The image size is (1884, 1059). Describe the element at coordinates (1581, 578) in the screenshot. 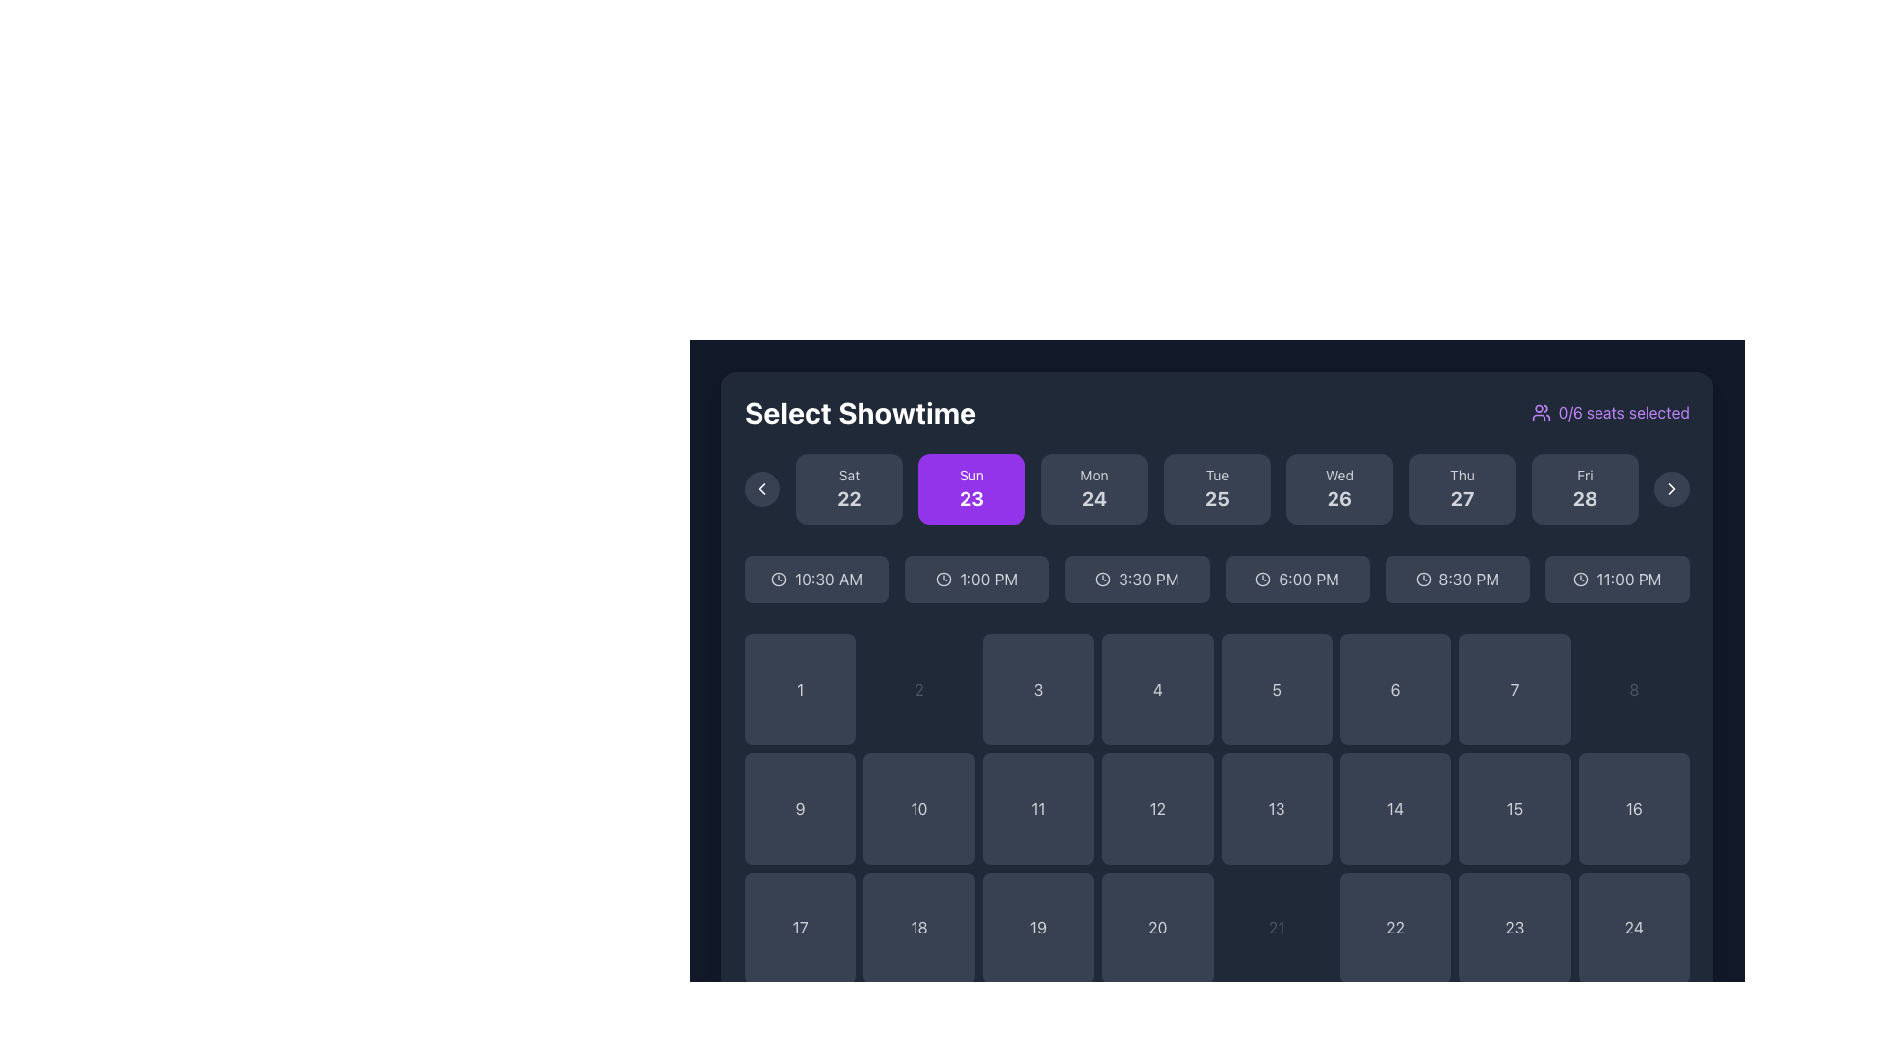

I see `the decorative SVG circle element that visually indicates time in the graphical clock icon, positioned within the 11:00 PM time slot section` at that location.